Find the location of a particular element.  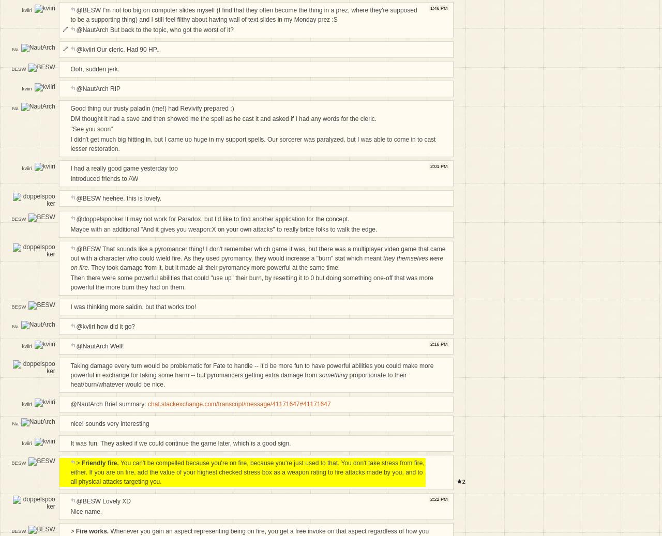

'@NautArch Brief summary:' is located at coordinates (109, 404).